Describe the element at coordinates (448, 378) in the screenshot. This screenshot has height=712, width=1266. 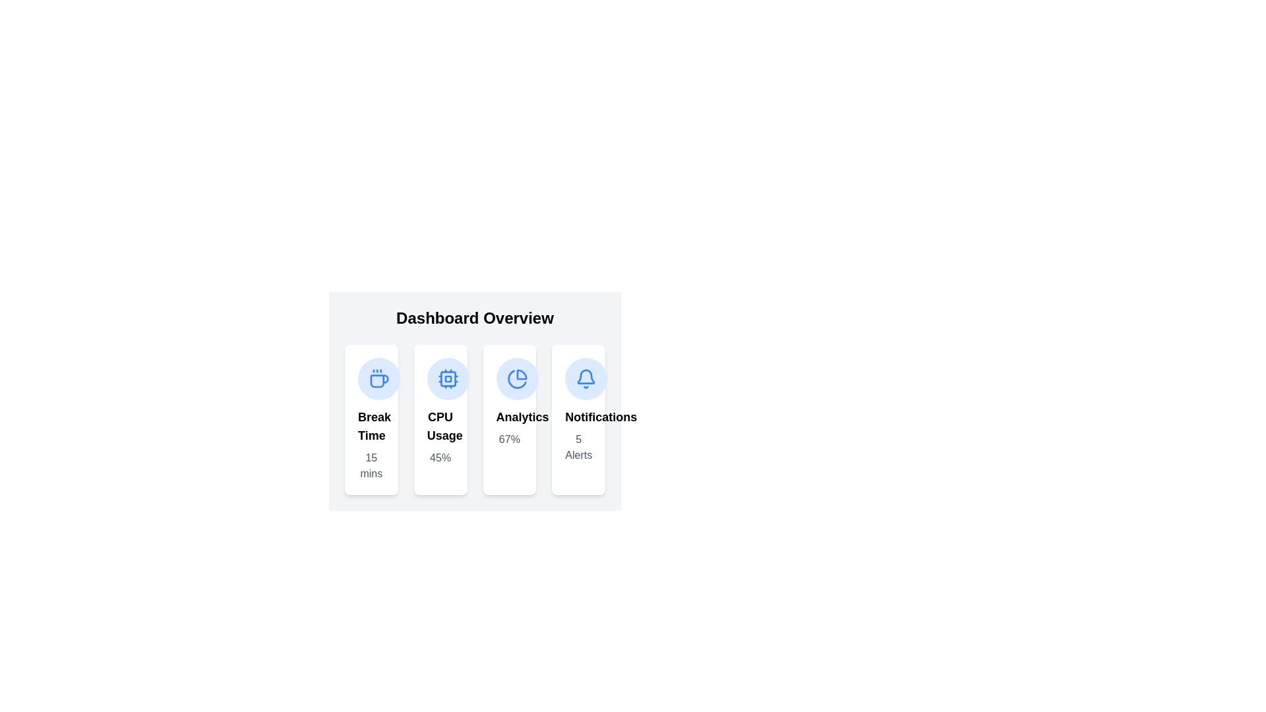
I see `the CPU Usage icon located at the top-center of the 'CPU Usage 45%' section, which represents system performance information for CPU usage` at that location.